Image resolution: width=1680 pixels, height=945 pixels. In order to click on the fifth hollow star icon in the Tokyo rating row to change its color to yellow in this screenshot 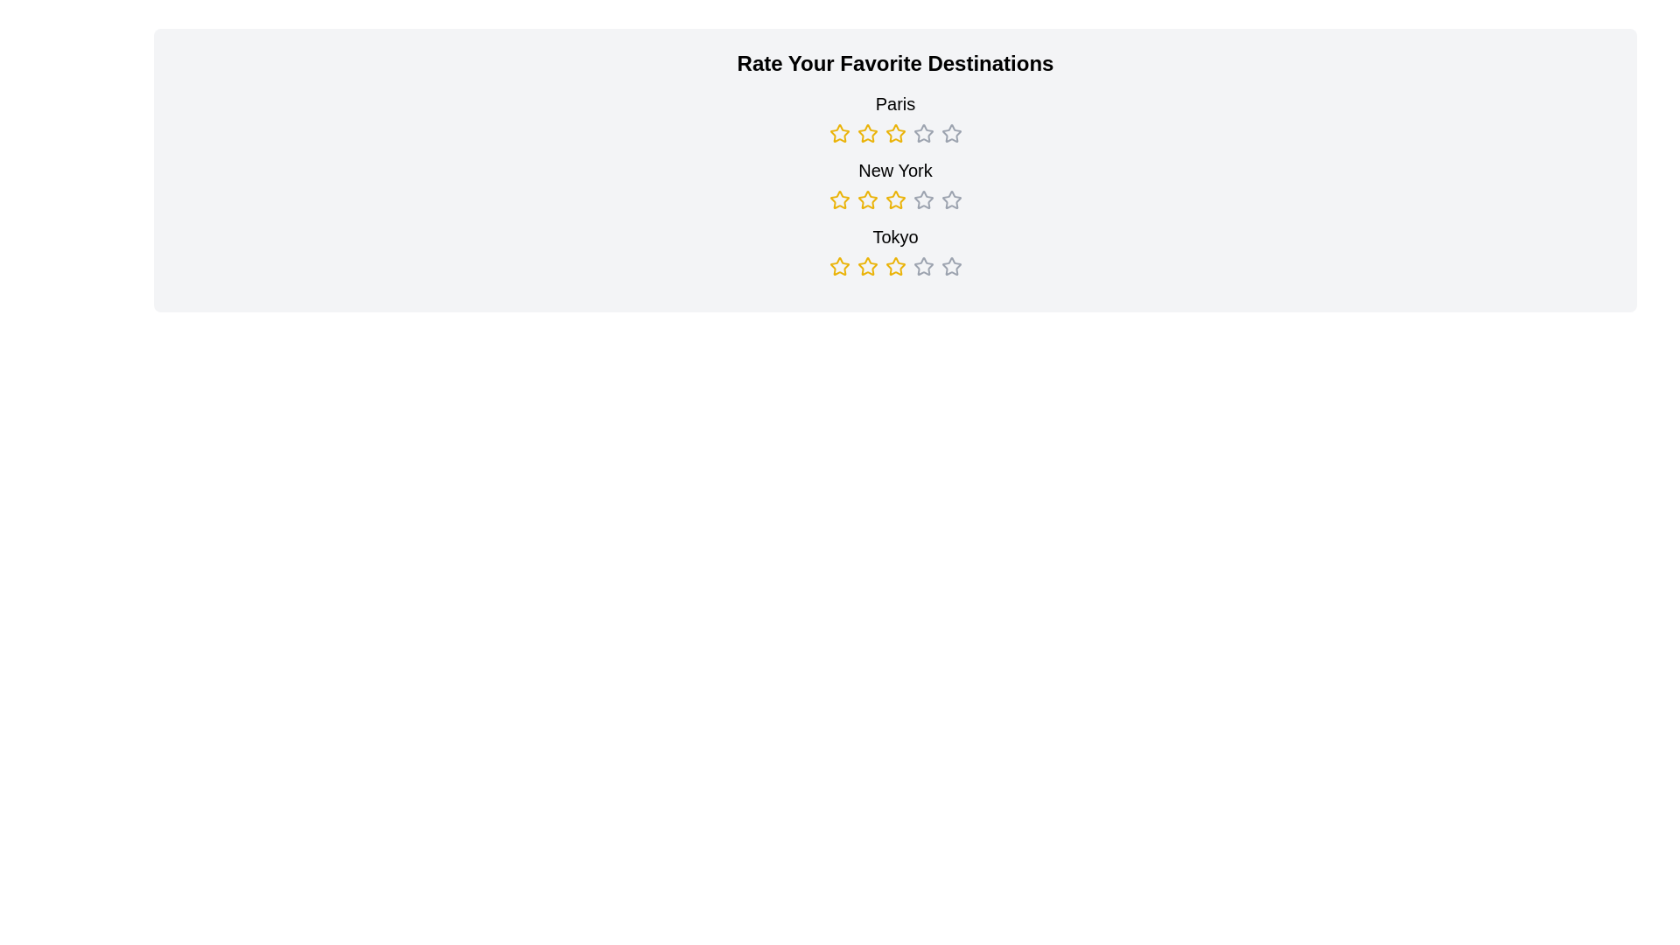, I will do `click(950, 266)`.